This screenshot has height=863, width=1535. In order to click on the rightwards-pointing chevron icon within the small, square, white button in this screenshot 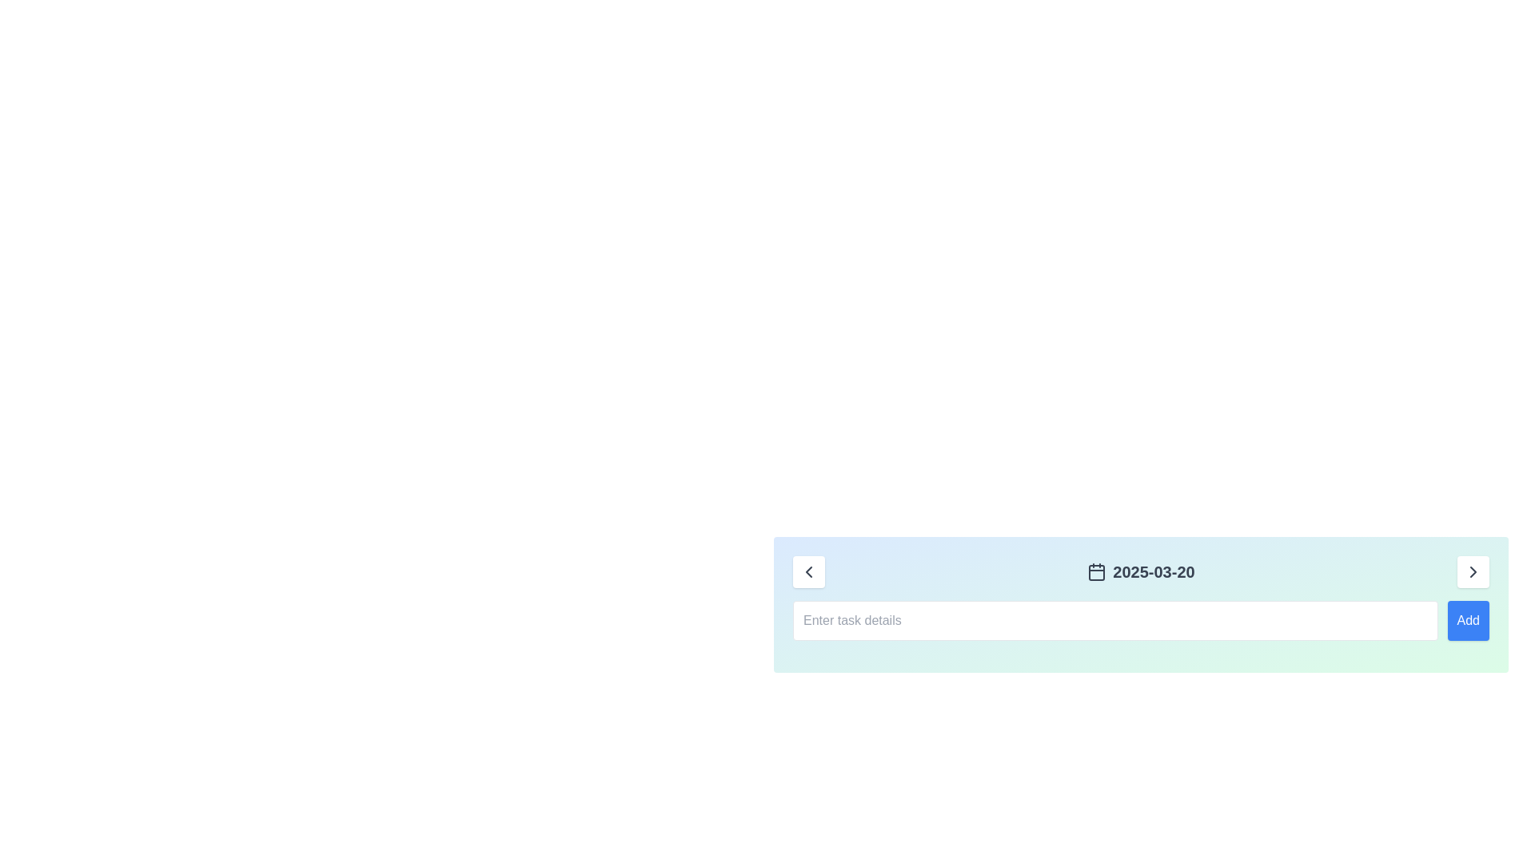, I will do `click(1473, 571)`.